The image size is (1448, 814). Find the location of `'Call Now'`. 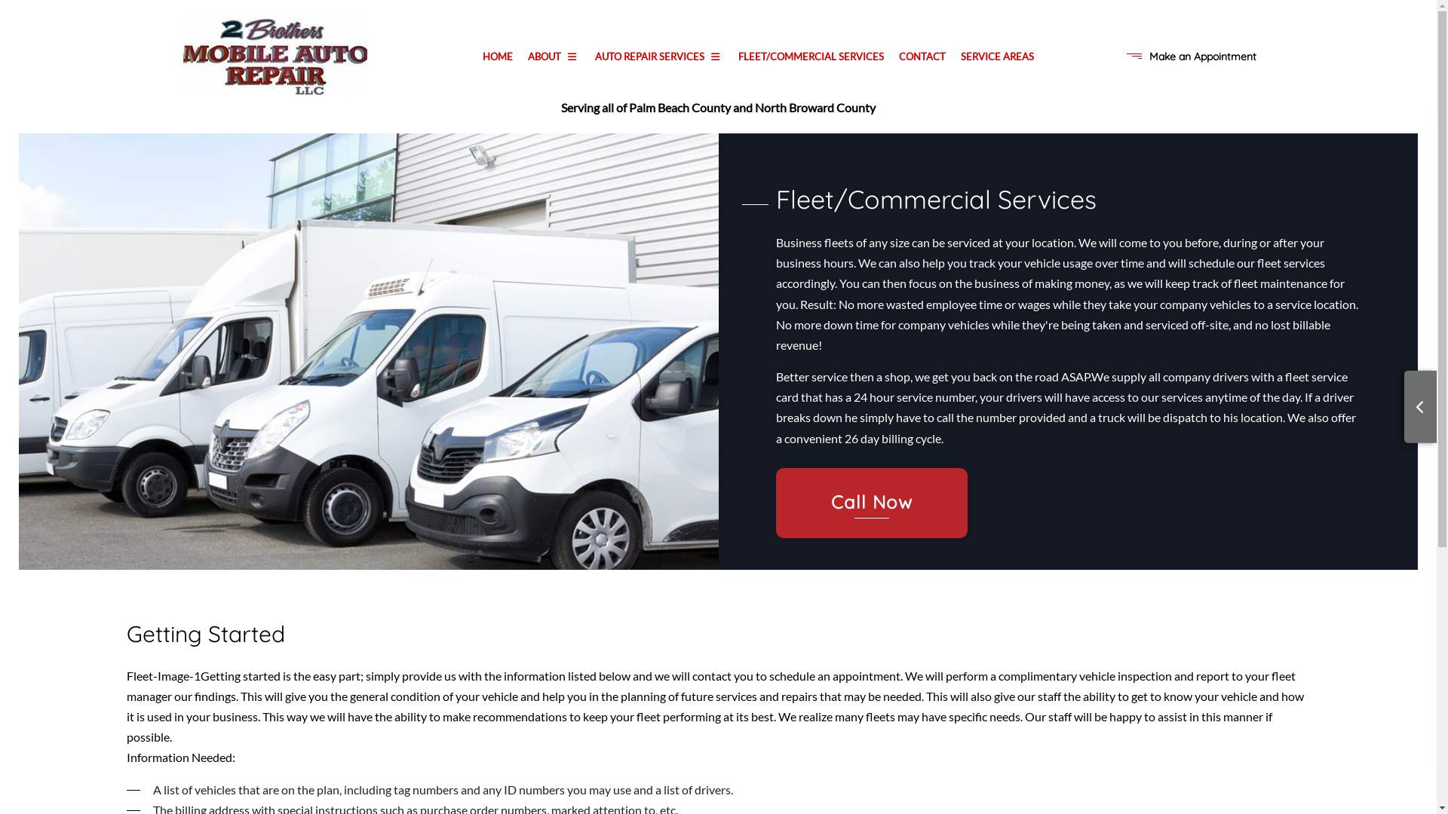

'Call Now' is located at coordinates (775, 503).